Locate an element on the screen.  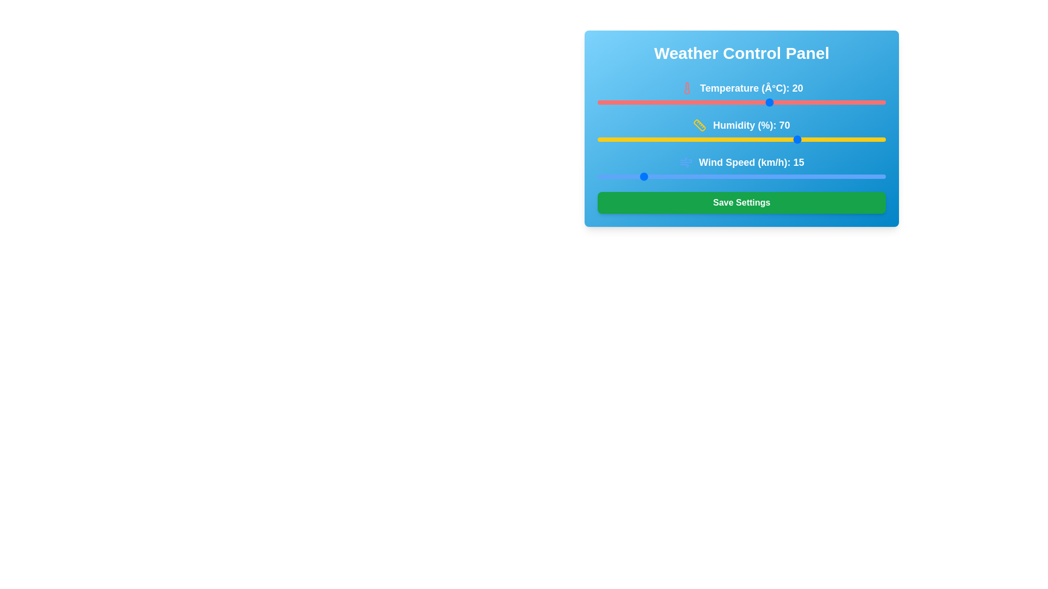
the static text element displaying 'Temperature (°C): 20' with an adjacent red thermometer icon, located at the top left of the 'Weather Control Panel' is located at coordinates (741, 88).